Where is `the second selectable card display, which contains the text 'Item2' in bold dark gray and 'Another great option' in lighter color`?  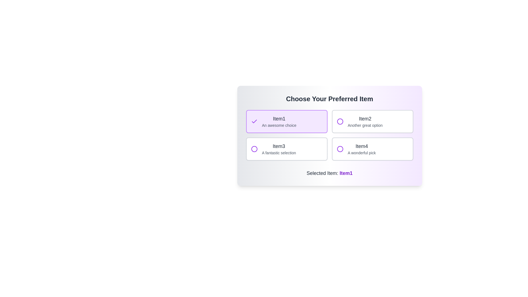
the second selectable card display, which contains the text 'Item2' in bold dark gray and 'Another great option' in lighter color is located at coordinates (365, 121).